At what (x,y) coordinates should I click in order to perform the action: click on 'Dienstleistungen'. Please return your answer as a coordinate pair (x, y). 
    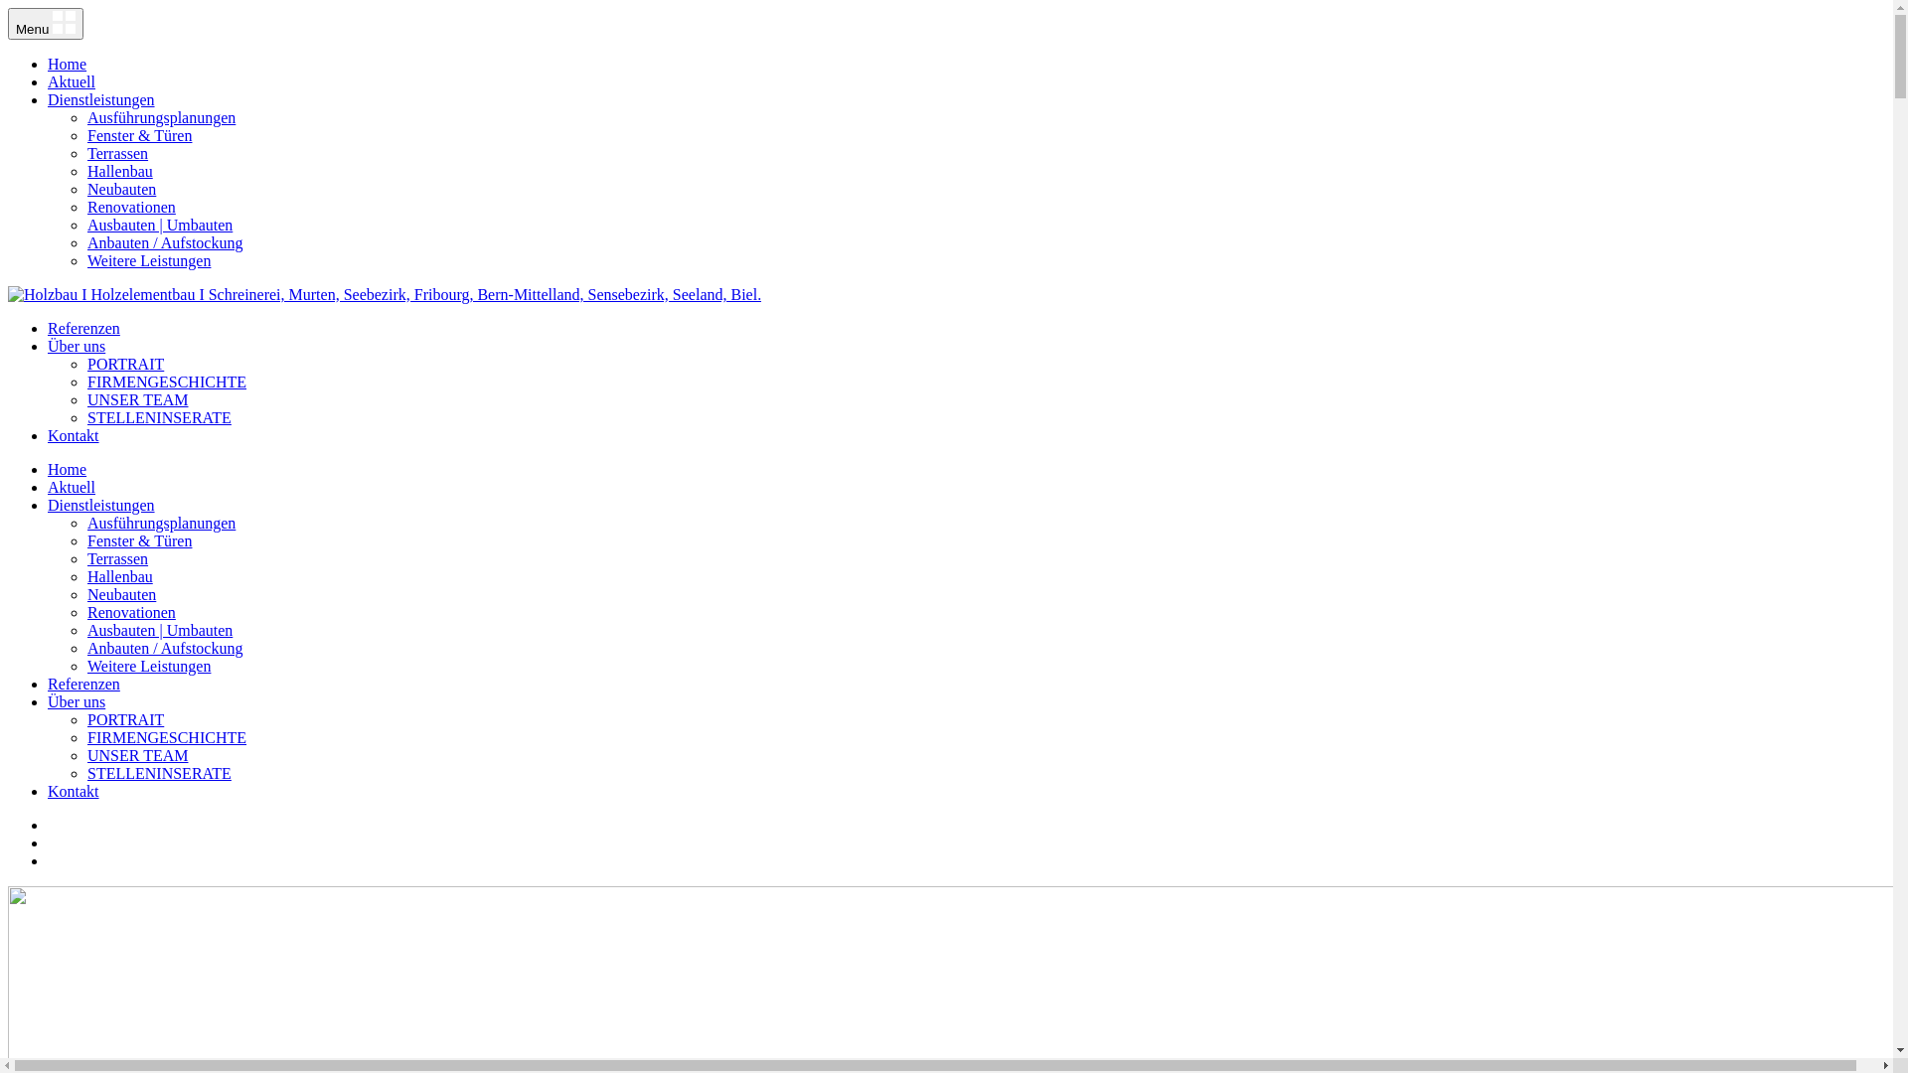
    Looking at the image, I should click on (99, 99).